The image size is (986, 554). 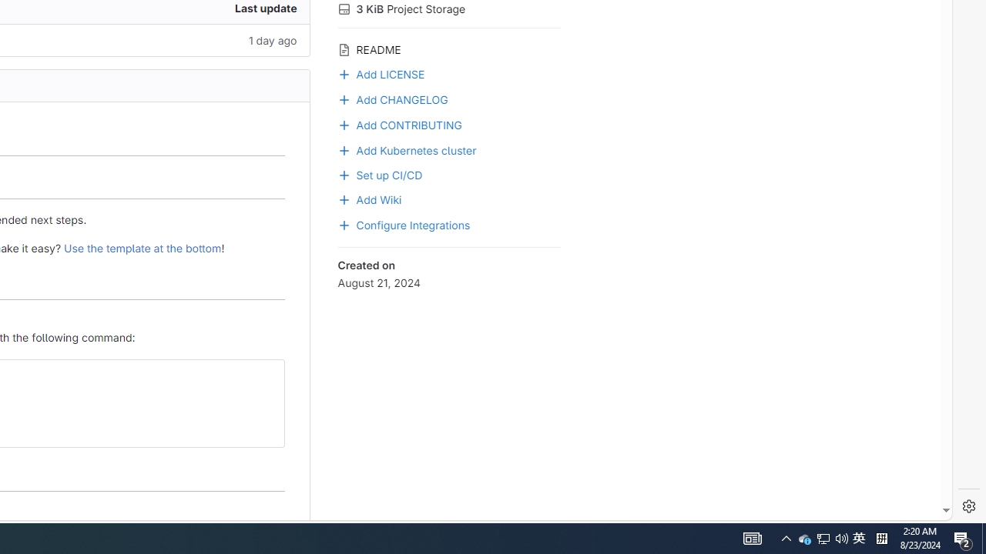 What do you see at coordinates (448, 123) in the screenshot?
I see `'Add CONTRIBUTING'` at bounding box center [448, 123].